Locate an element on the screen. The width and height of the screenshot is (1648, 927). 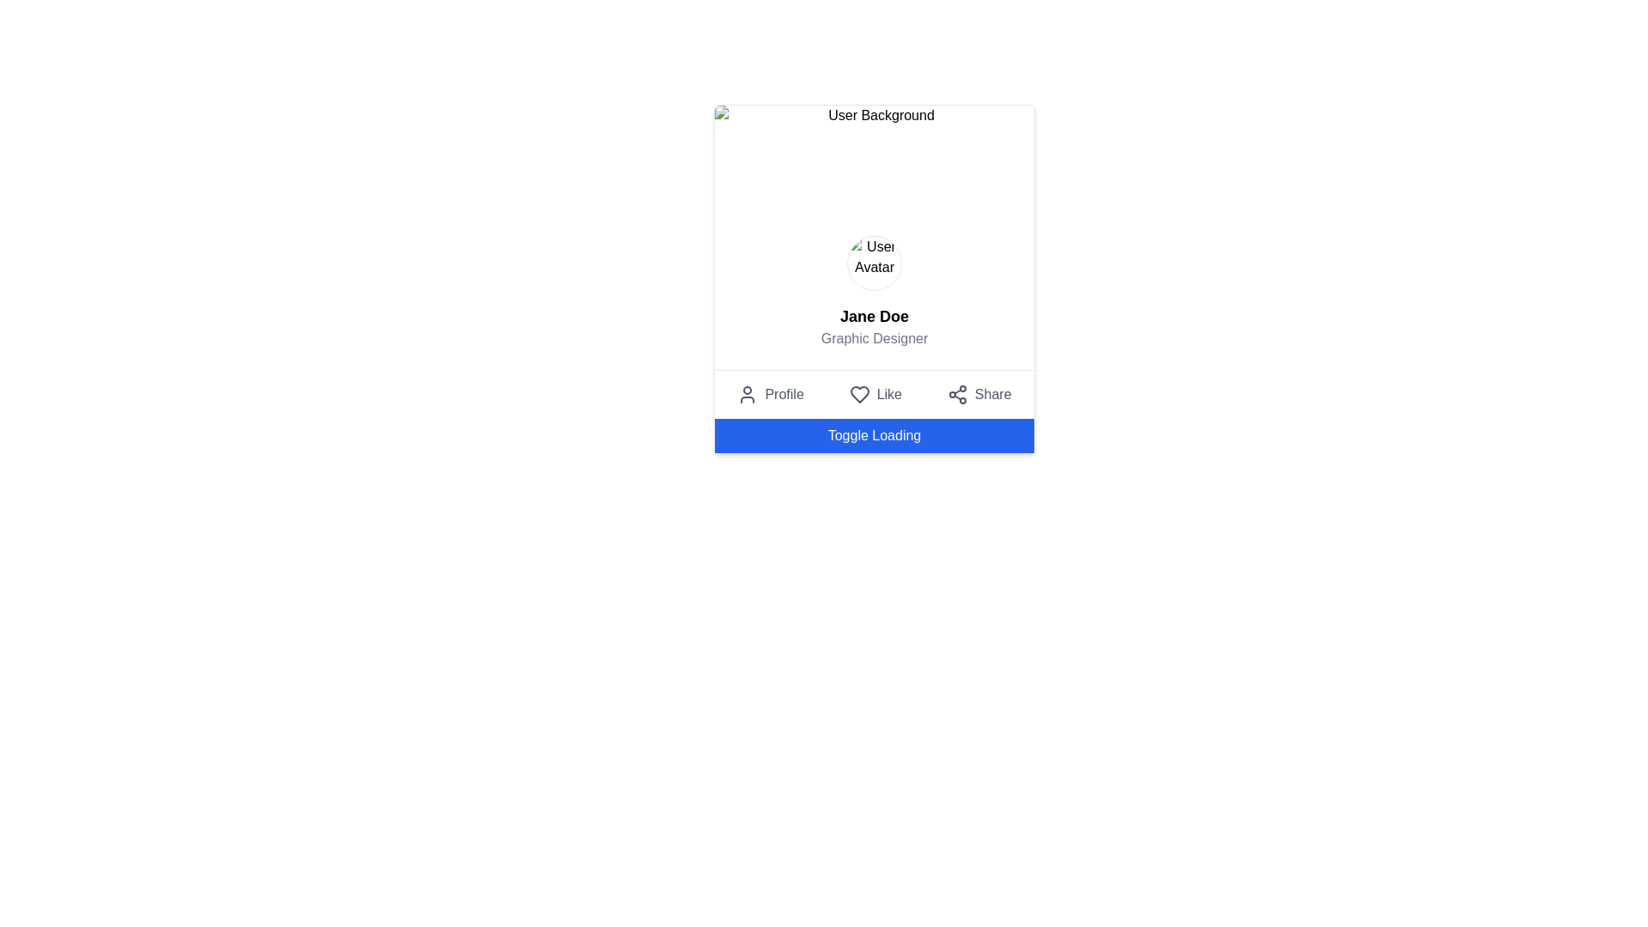
the text label displaying 'Graphic Designer', which is styled in gray font on a white background and centrally located beneath 'Jane Doe' is located at coordinates (874, 338).